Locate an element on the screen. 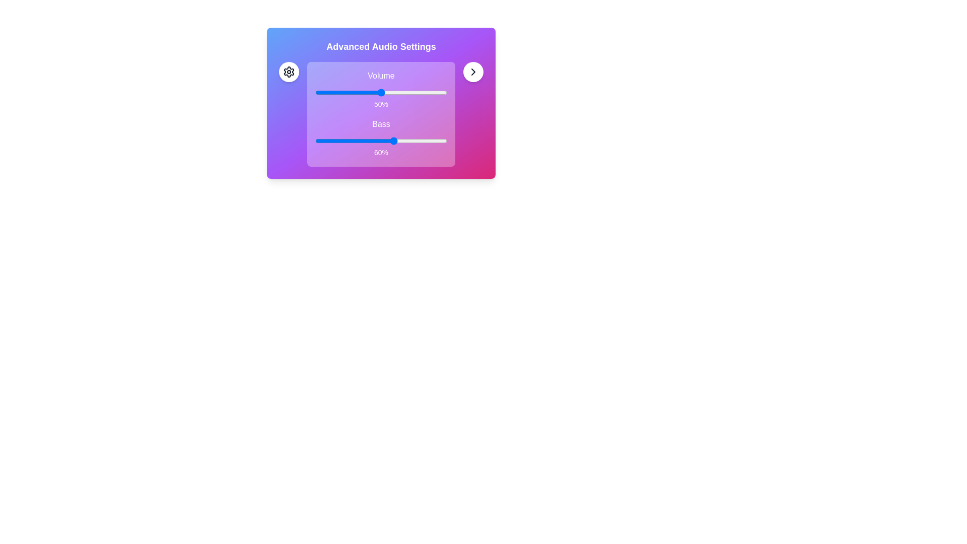  the settings button to open the configurations menu is located at coordinates (289, 71).